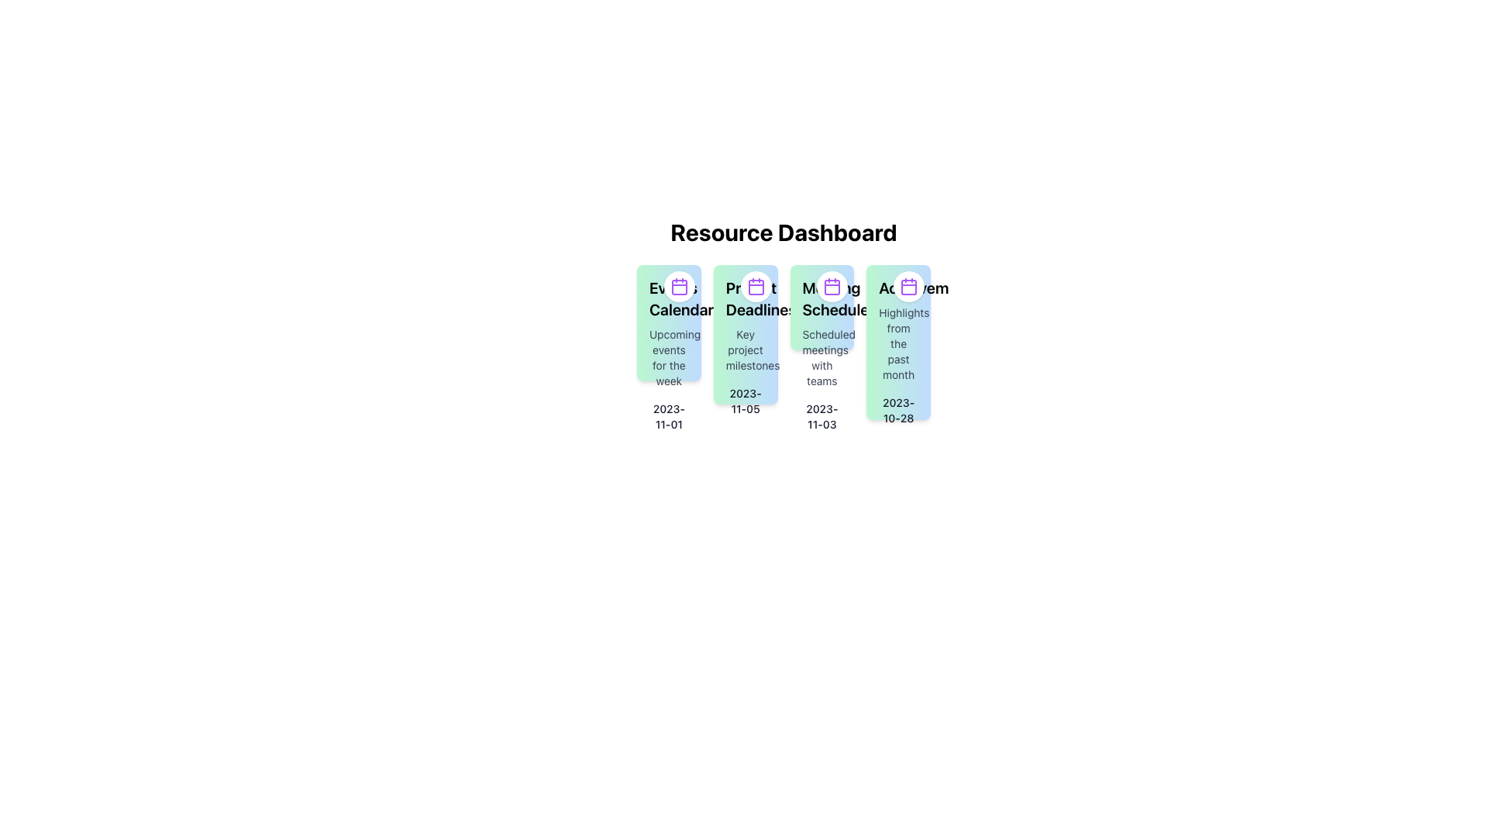 The width and height of the screenshot is (1488, 837). I want to click on the calendar icon located inside the fourth icon under the 'Resource Dashboard' heading, so click(908, 287).